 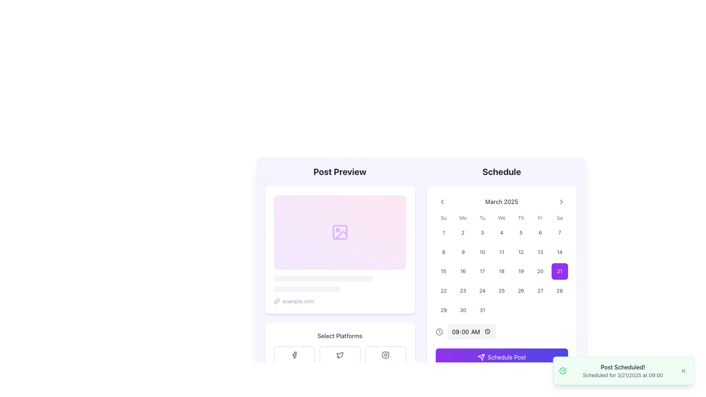 I want to click on the Interactive button displaying the Twitter bird logo, so click(x=339, y=354).